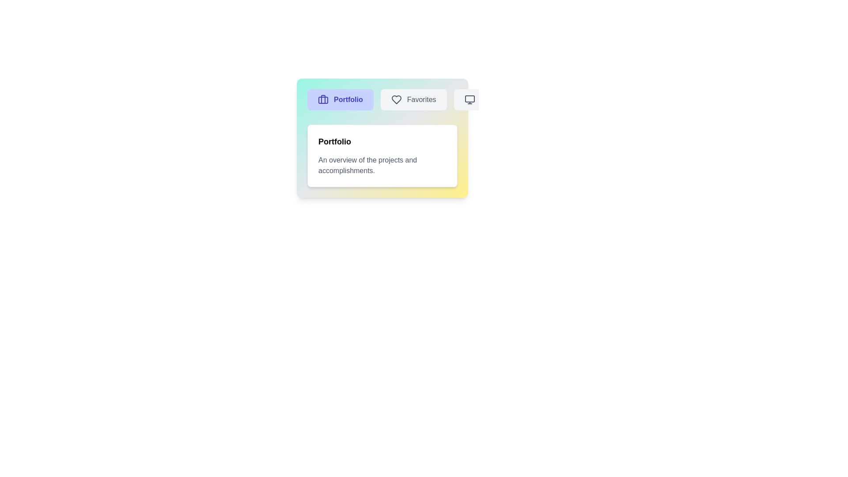 Image resolution: width=848 pixels, height=477 pixels. I want to click on the Activity tab, so click(483, 99).